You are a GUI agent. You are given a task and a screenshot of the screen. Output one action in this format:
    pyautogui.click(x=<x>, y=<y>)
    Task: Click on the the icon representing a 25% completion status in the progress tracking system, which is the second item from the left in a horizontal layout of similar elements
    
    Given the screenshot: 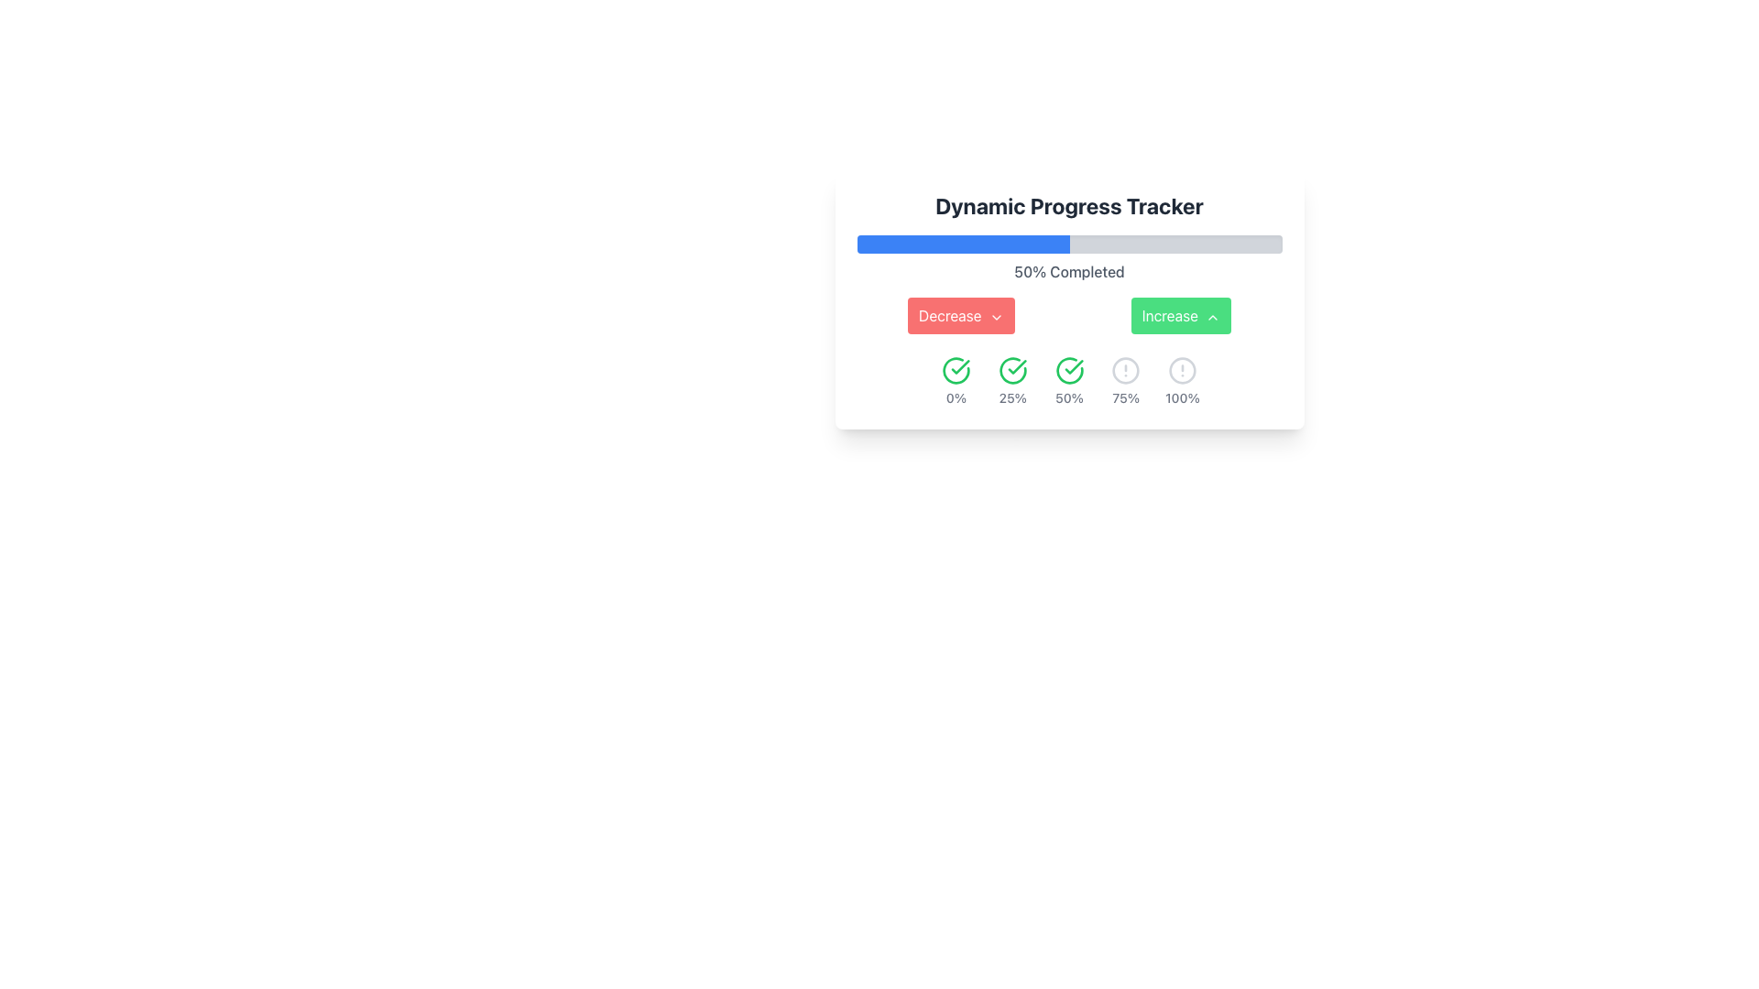 What is the action you would take?
    pyautogui.click(x=1011, y=380)
    